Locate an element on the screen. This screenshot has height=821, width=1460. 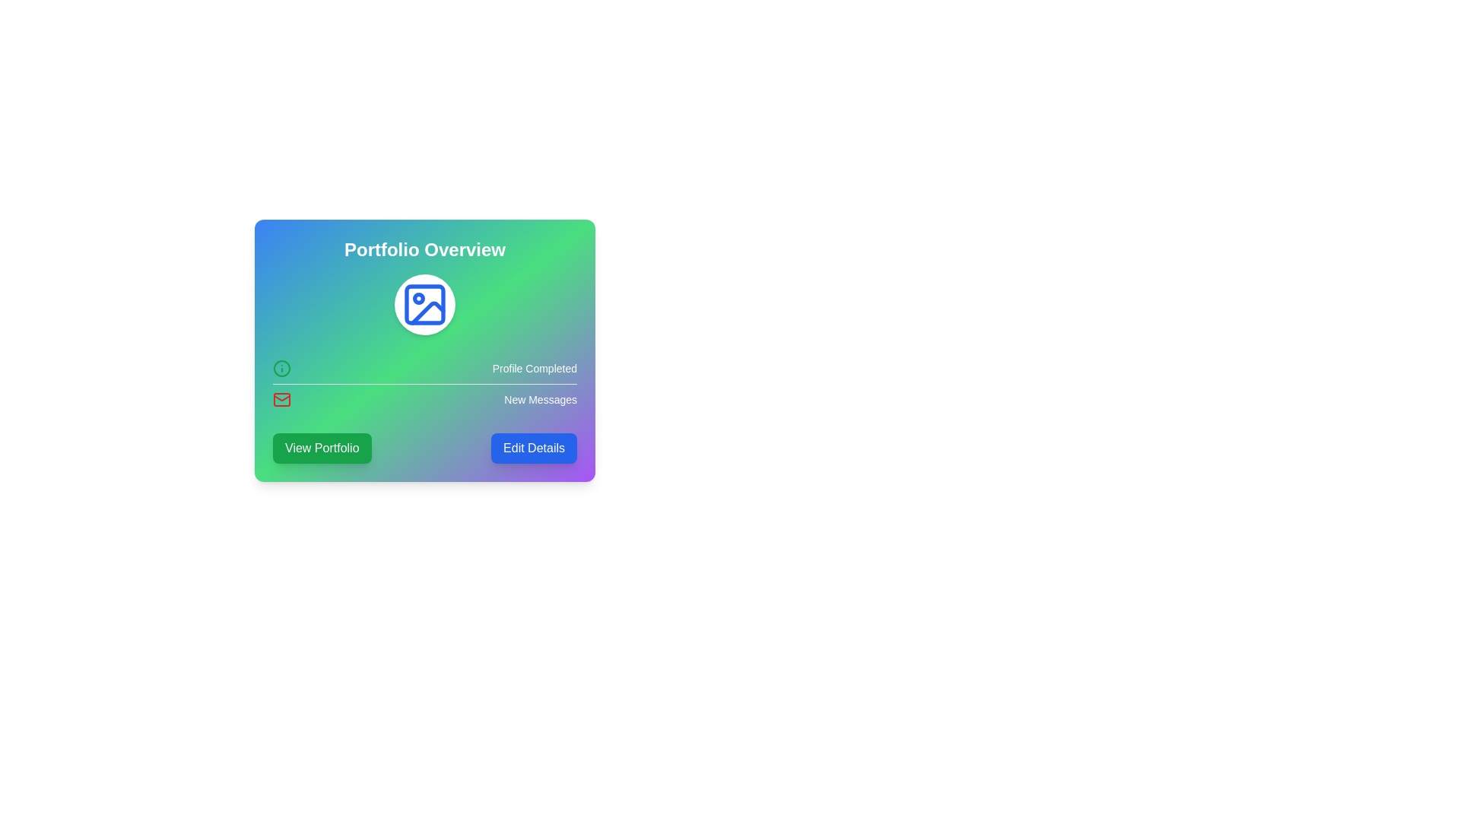
the green rectangular button labeled 'View Portfolio' located at the bottom-left corner of the card interface is located at coordinates (321, 448).